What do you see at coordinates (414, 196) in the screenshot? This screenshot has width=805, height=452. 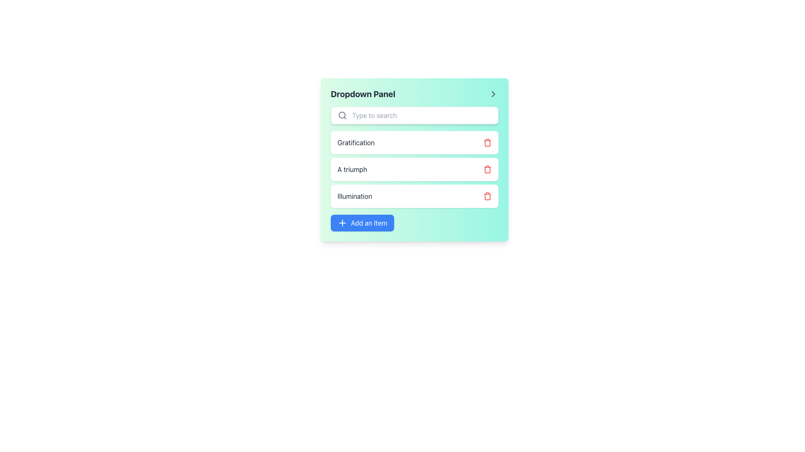 I see `the 'Illumination' list item, which is the third item in a vertical list` at bounding box center [414, 196].